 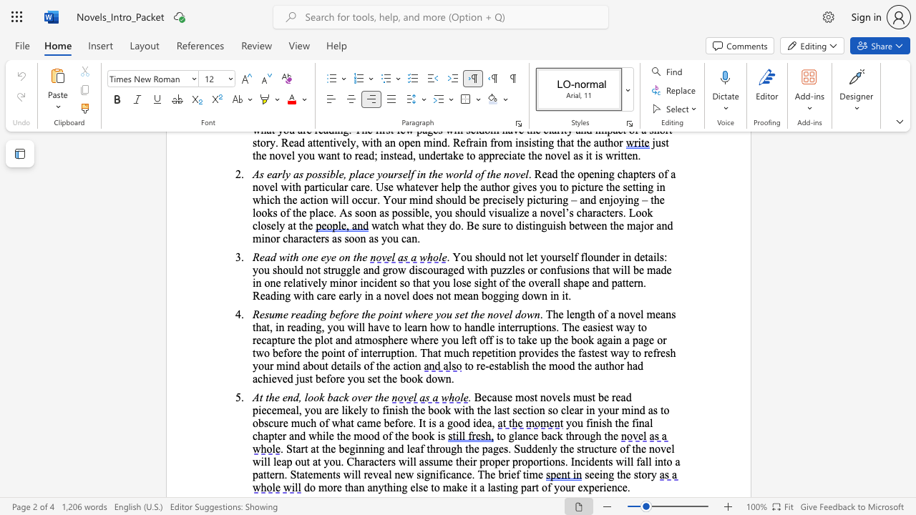 What do you see at coordinates (351, 397) in the screenshot?
I see `the subset text "over" within the text "At the end, look back over the"` at bounding box center [351, 397].